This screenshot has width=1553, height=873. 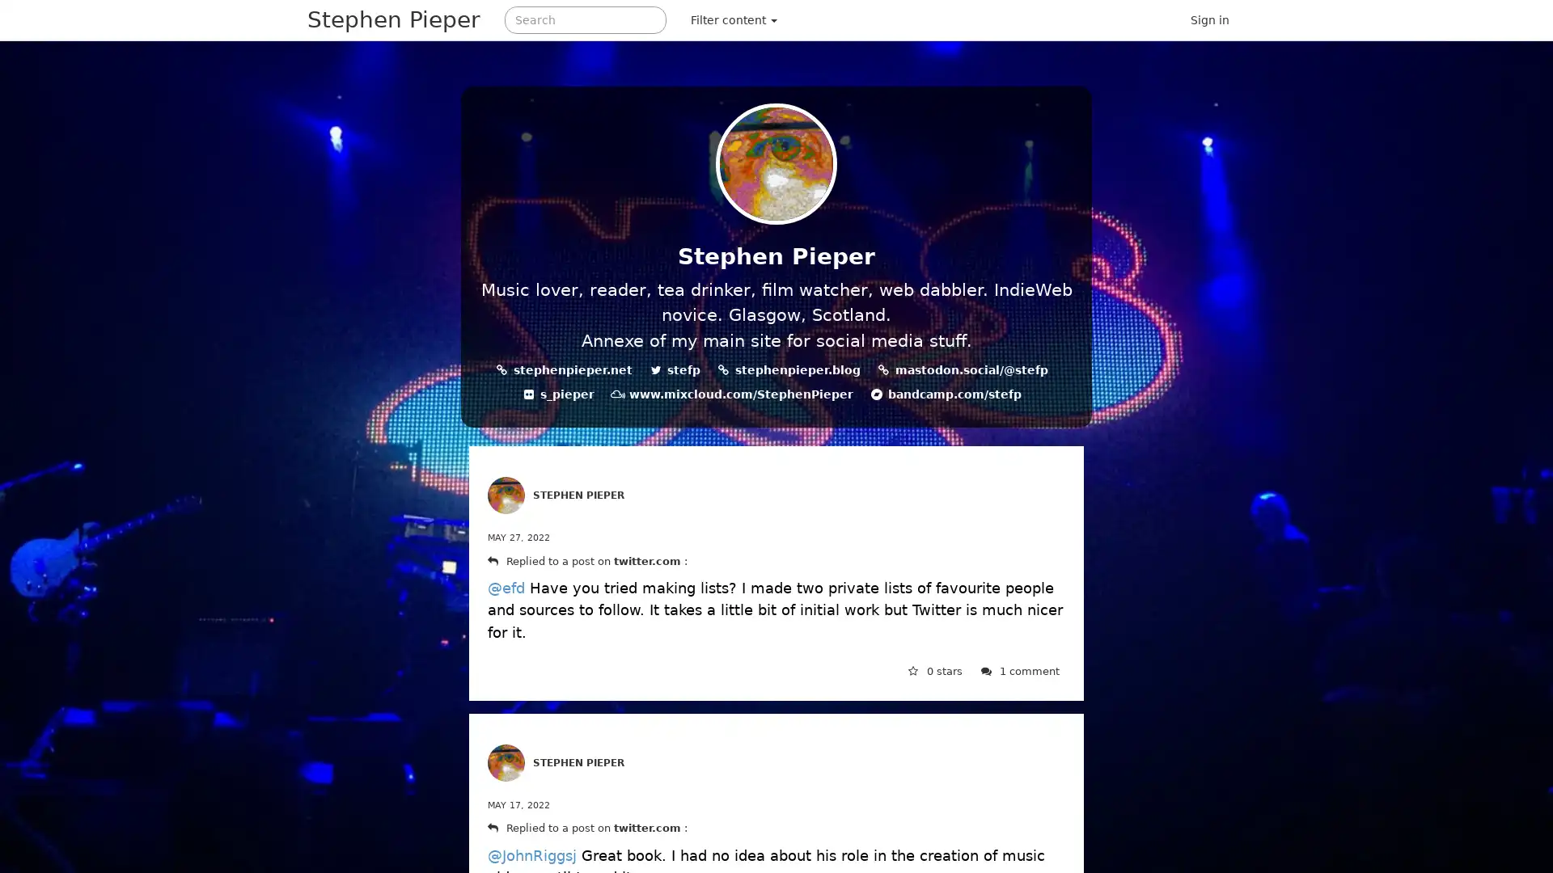 I want to click on Filter content, so click(x=733, y=19).